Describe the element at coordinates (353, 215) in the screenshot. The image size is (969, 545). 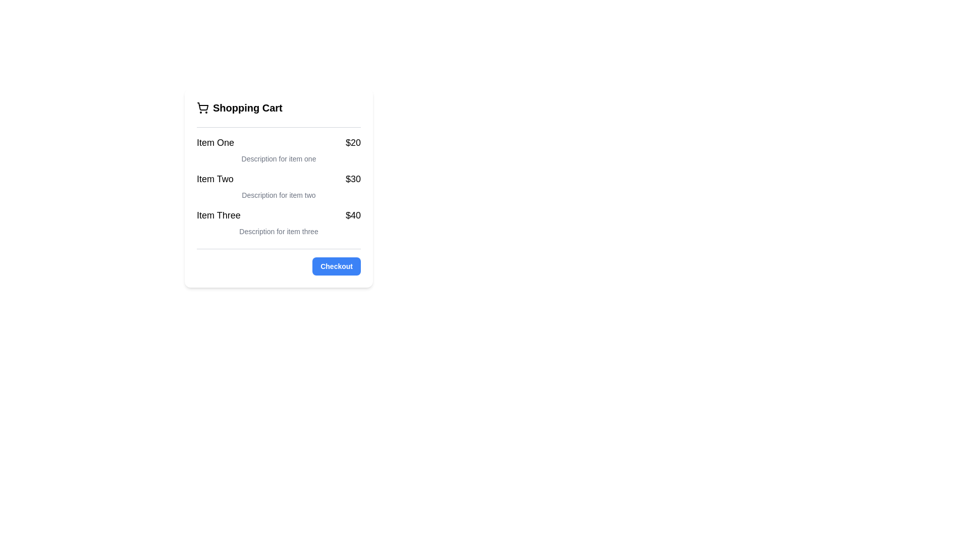
I see `the text label displaying the price '$40' in bold black font, located on the right side of the row labeled 'Item Three' in the shopping cart interface` at that location.